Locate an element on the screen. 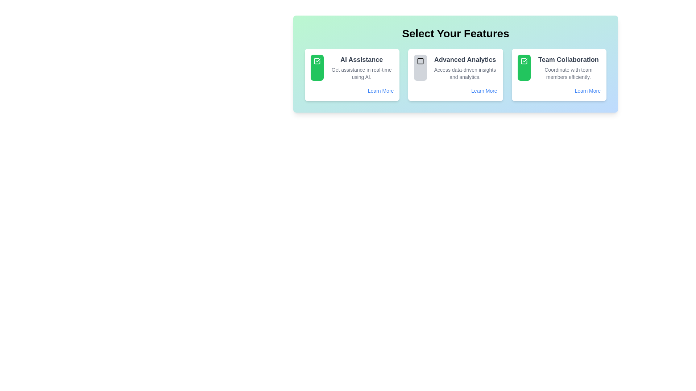 Image resolution: width=696 pixels, height=391 pixels. text label that displays 'Get assistance in real-time using AI.' located below the title 'AI Assistance' in the leftmost card is located at coordinates (361, 73).